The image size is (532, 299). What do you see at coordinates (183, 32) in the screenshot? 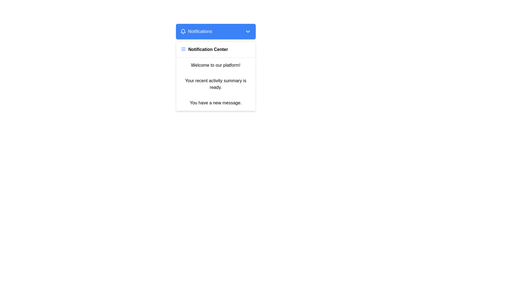
I see `the bell icon located in the top row of the 'Notifications' dropdown section, which is positioned to the left of the 'Notifications' text` at bounding box center [183, 32].